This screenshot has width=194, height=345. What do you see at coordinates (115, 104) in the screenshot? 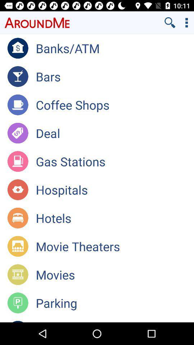
I see `item below bars item` at bounding box center [115, 104].